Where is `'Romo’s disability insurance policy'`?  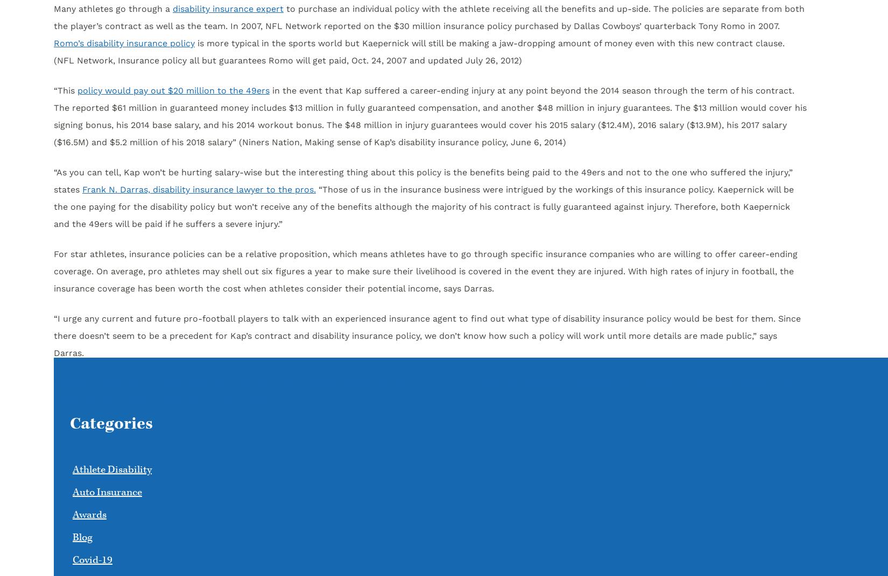 'Romo’s disability insurance policy' is located at coordinates (124, 43).